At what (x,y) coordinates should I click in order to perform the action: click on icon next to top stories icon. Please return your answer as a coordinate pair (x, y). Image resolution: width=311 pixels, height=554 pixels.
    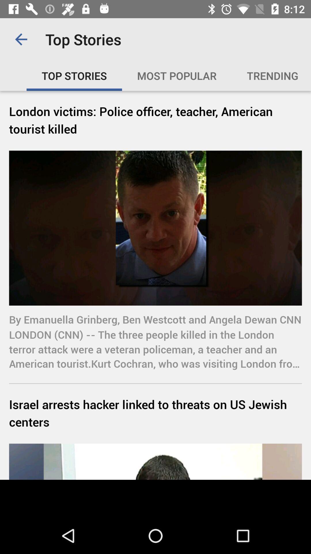
    Looking at the image, I should click on (21, 39).